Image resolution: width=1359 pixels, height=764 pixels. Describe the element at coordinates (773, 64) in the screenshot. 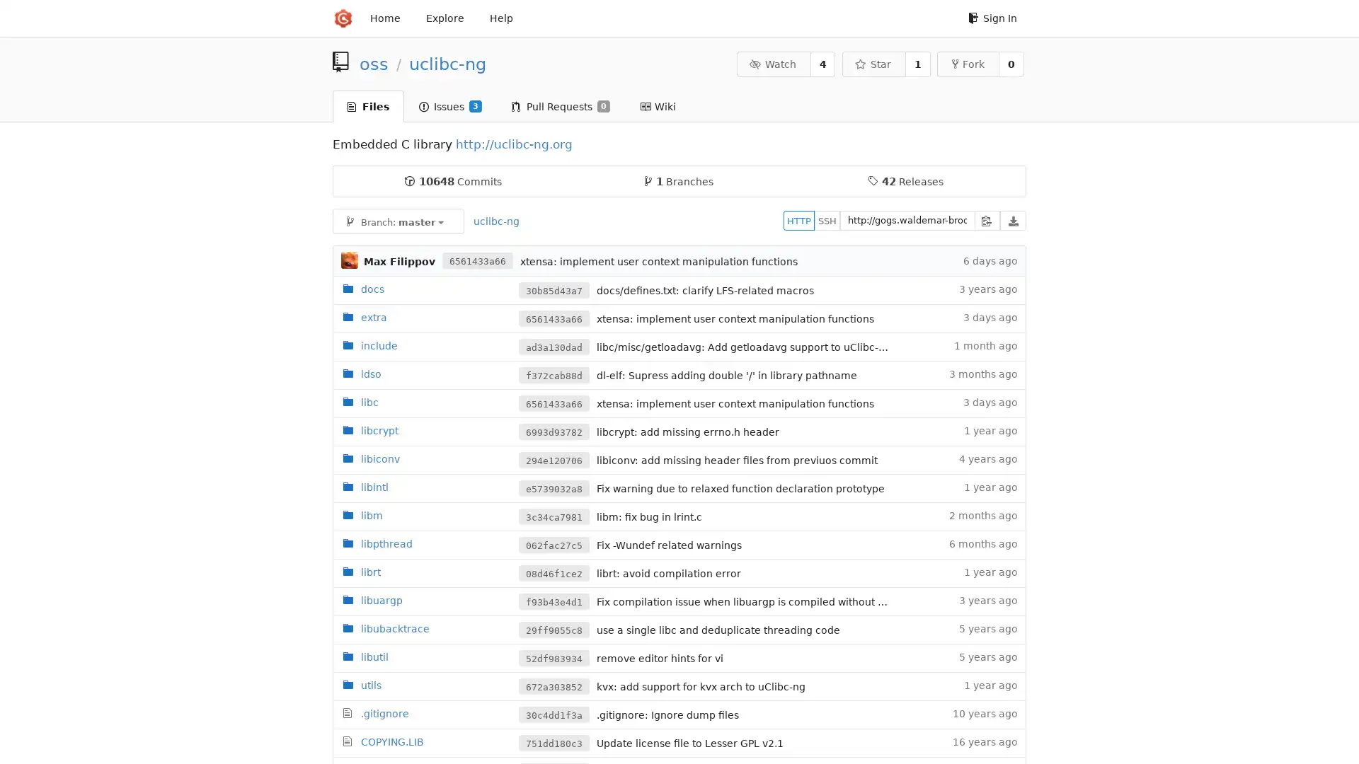

I see `Watch` at that location.